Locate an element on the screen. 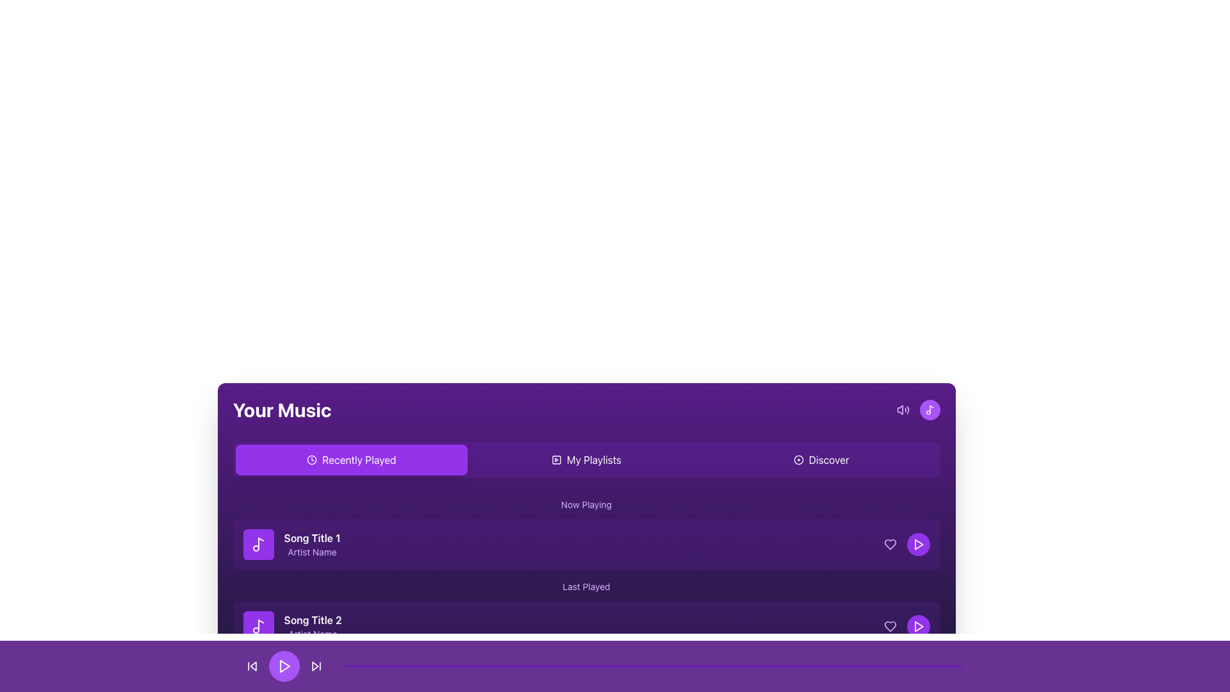 The height and width of the screenshot is (692, 1230). the play button located adjacent to 'Song Title 2' in the music playlist interface to initiate playback is located at coordinates (918, 626).